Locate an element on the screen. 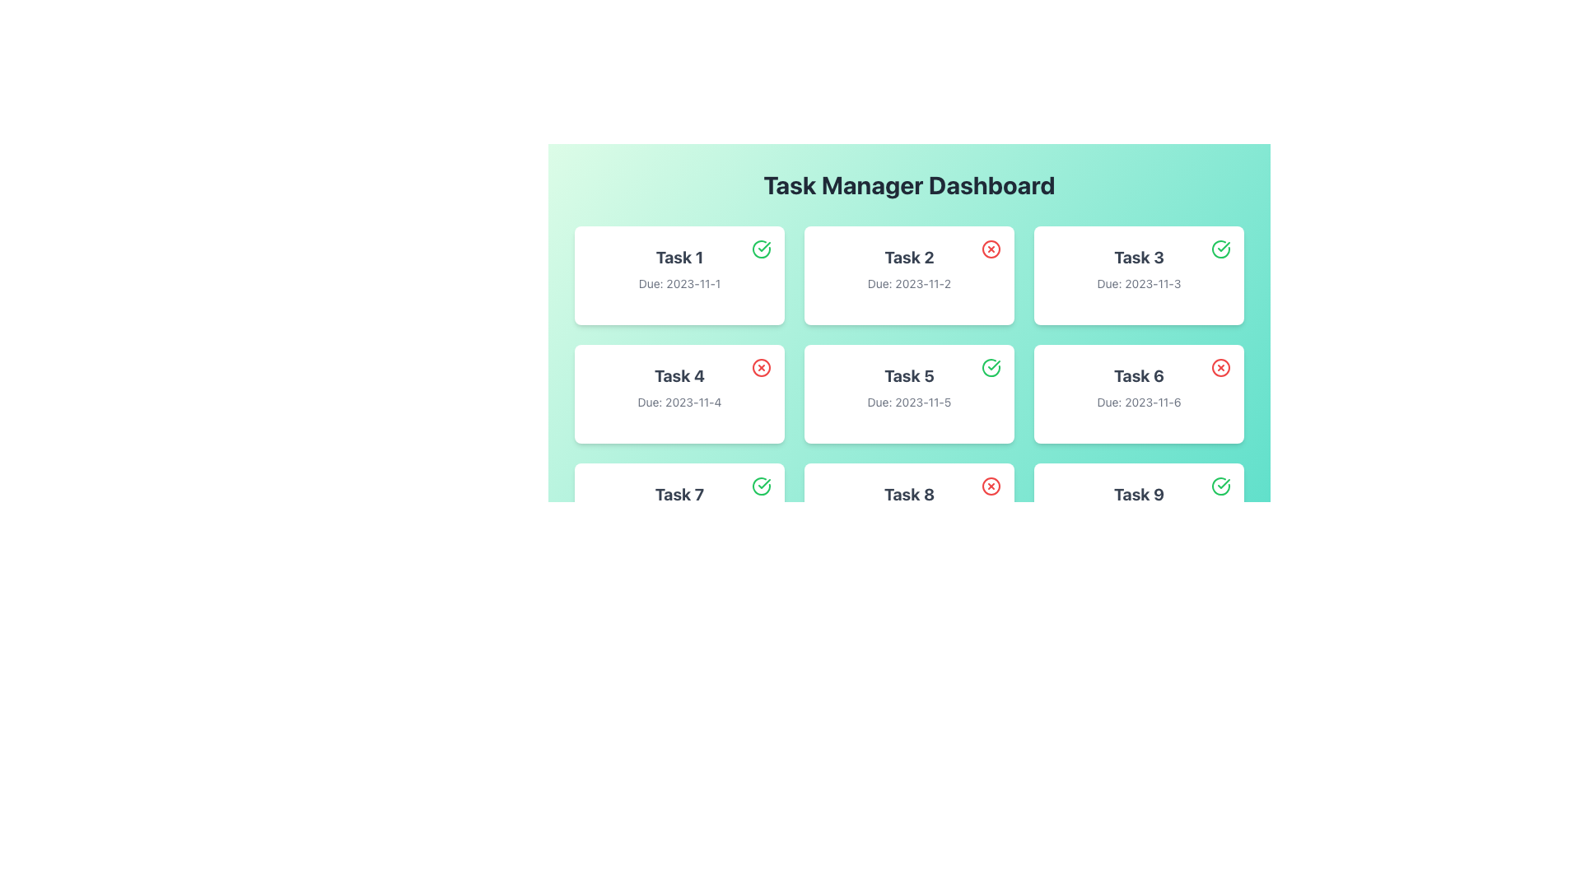 Image resolution: width=1581 pixels, height=889 pixels. the status indicator icon is located at coordinates (761, 249).